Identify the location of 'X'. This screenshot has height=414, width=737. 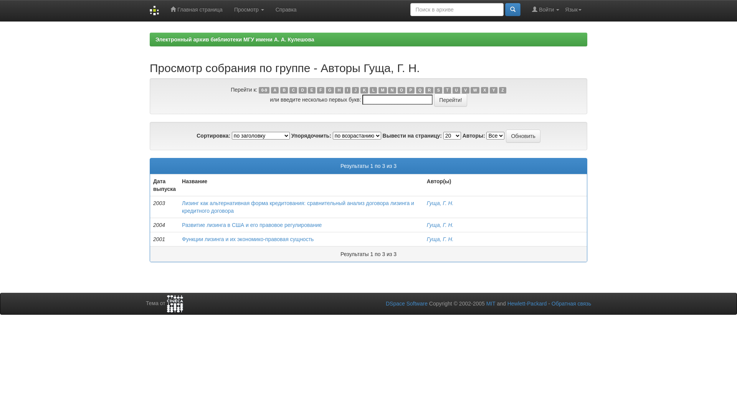
(484, 90).